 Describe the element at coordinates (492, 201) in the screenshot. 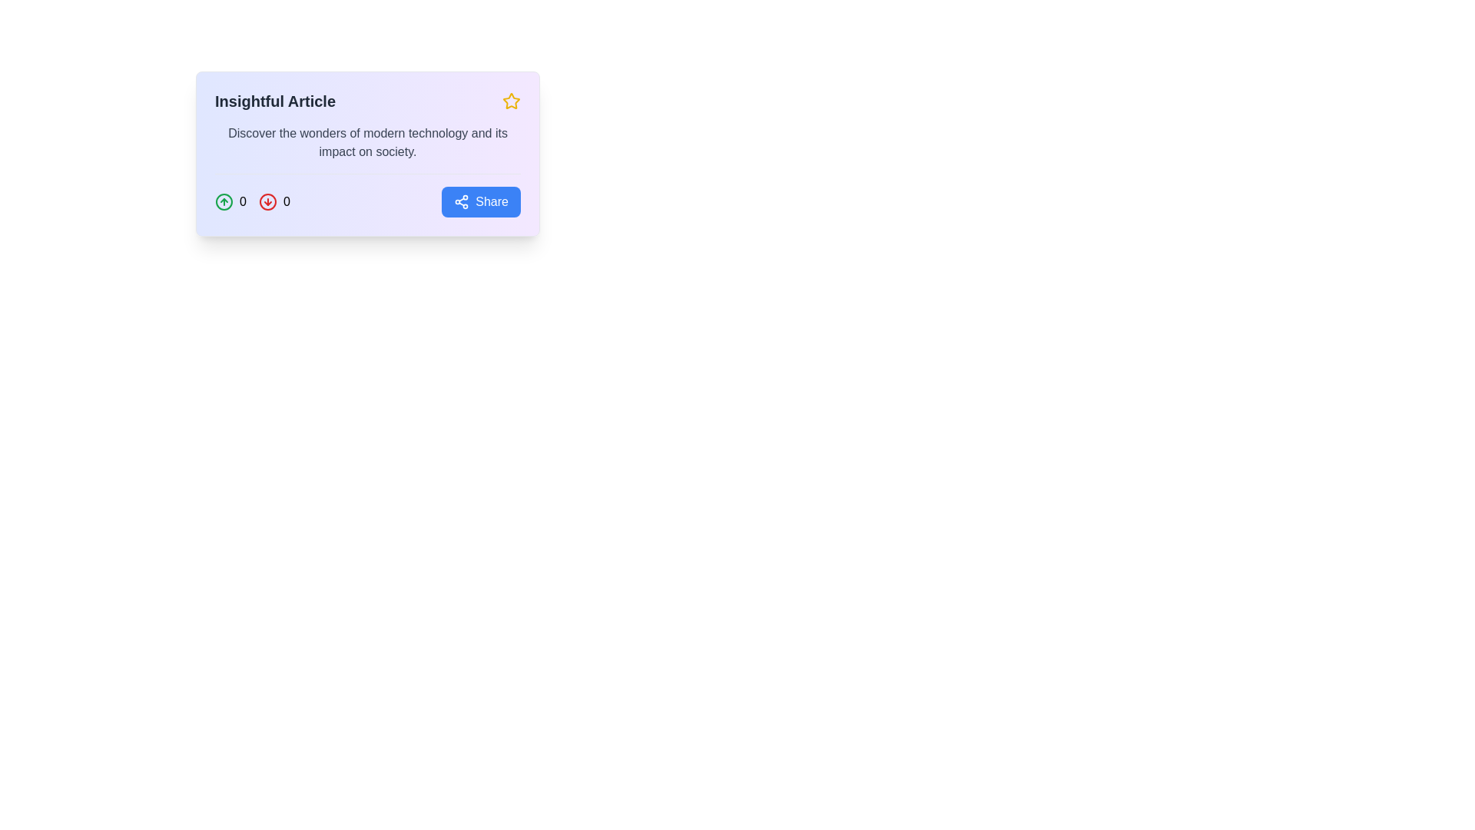

I see `the 'Share' text element, which is styled in white on a blue button with rounded corners, located in the bottom-right section of the 'Insightful Article' content card` at that location.